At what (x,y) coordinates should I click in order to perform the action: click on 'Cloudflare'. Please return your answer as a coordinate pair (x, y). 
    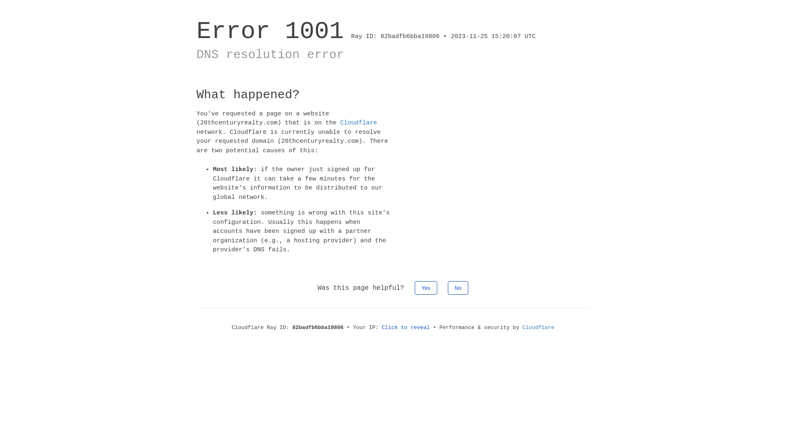
    Looking at the image, I should click on (340, 123).